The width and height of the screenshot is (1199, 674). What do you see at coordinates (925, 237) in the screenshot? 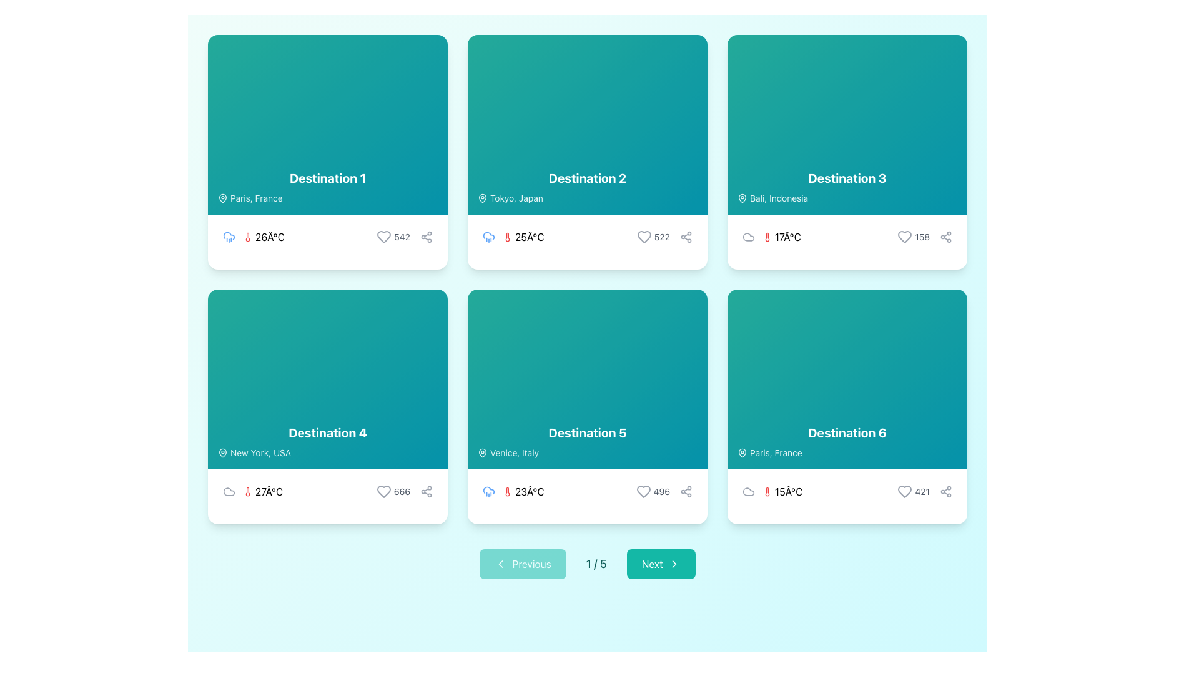
I see `the like count displayed next to the heart icon for the 'Destination 3' card located in the bottom-right section of the card` at bounding box center [925, 237].